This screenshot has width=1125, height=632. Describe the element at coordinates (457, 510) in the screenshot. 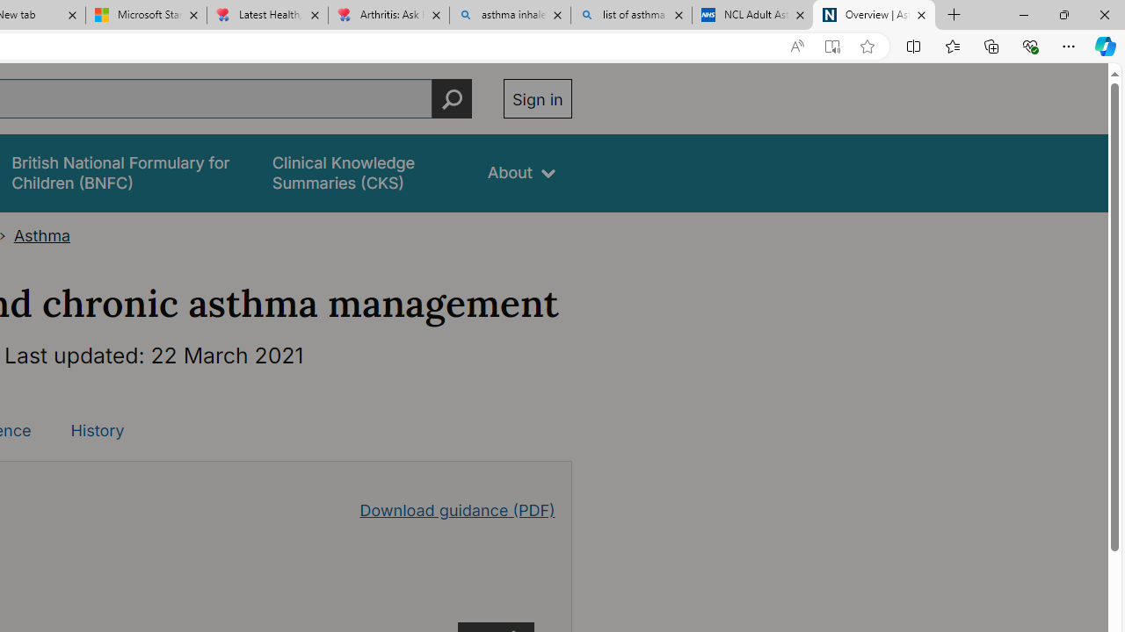

I see `'Download guidance (PDF)'` at that location.